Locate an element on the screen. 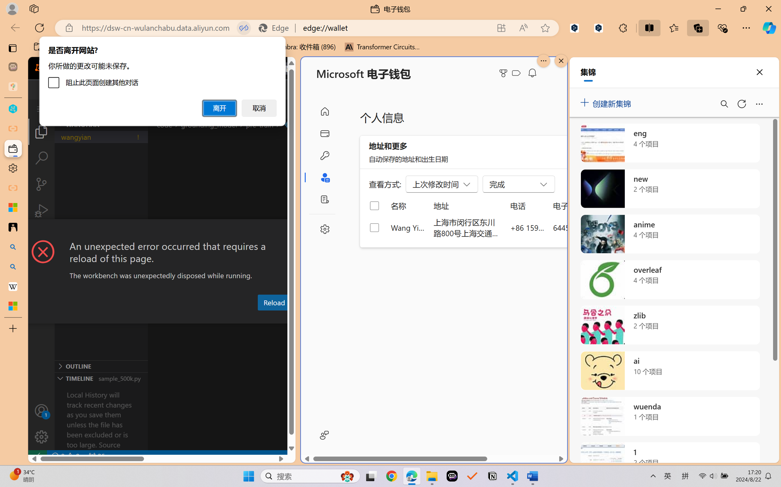 The width and height of the screenshot is (781, 487). 'Class: ___1lmltc5 f1agt3bx f12qytpq' is located at coordinates (516, 73).